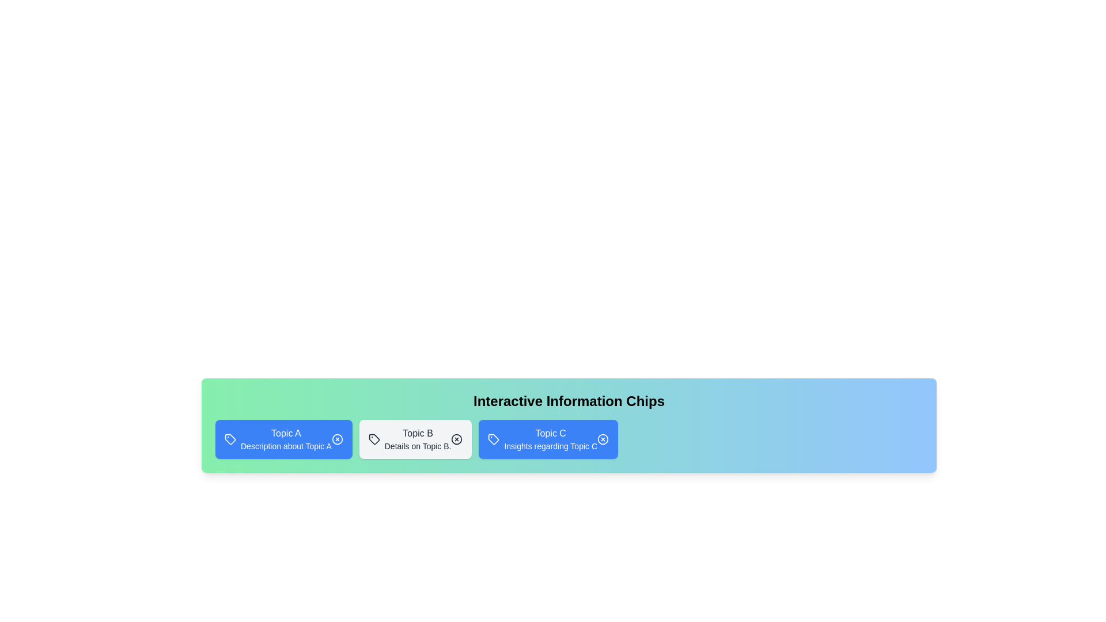  I want to click on the chip labeled Topic B to observe its hover effect, so click(415, 439).